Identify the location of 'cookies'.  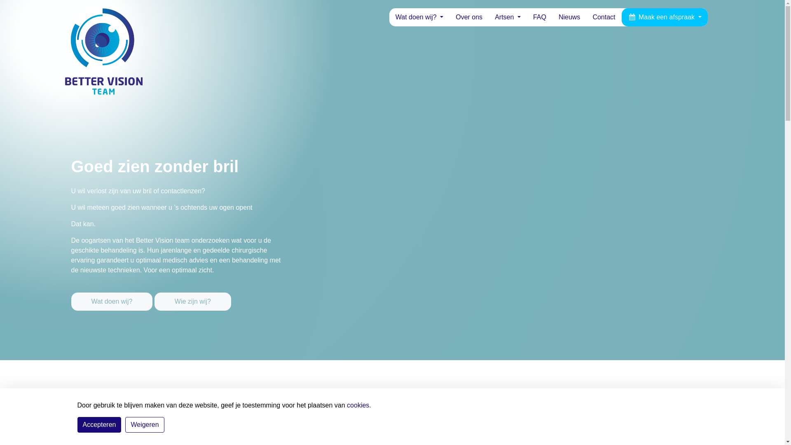
(358, 405).